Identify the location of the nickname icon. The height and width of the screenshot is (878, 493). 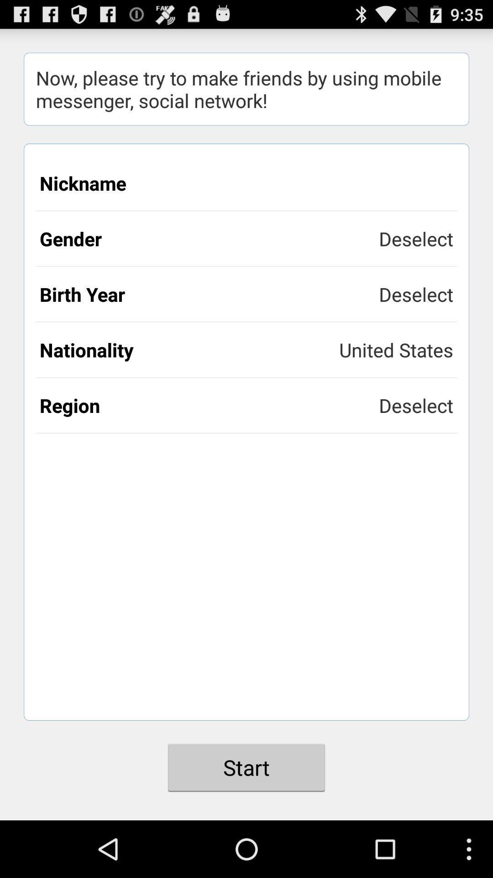
(246, 183).